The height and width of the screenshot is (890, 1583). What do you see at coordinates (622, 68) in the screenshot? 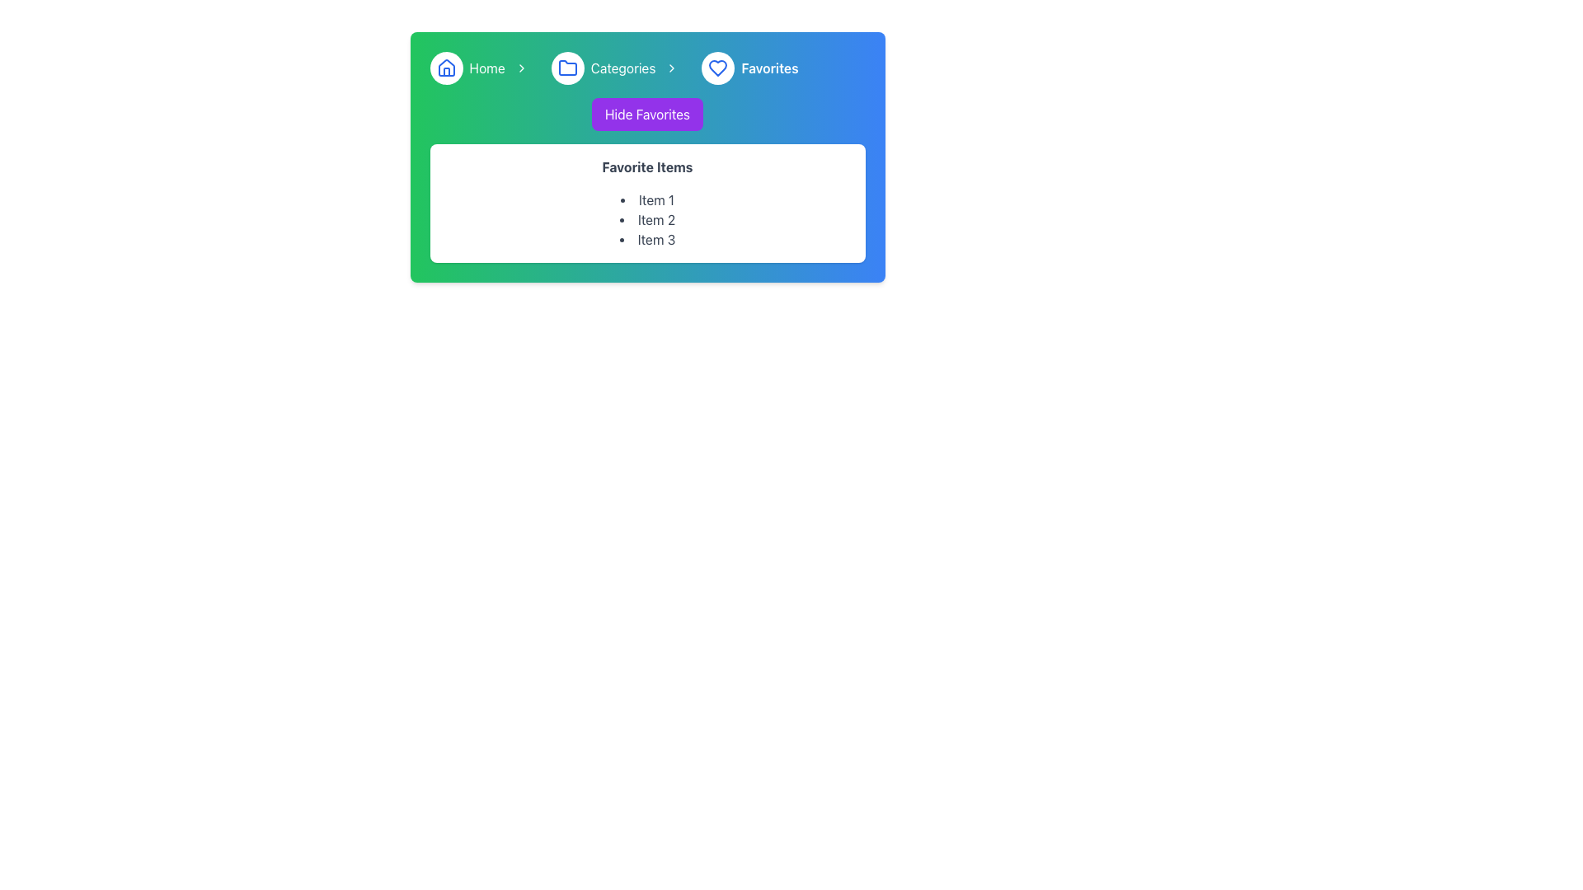
I see `the 'Categories' hyperlink text` at bounding box center [622, 68].